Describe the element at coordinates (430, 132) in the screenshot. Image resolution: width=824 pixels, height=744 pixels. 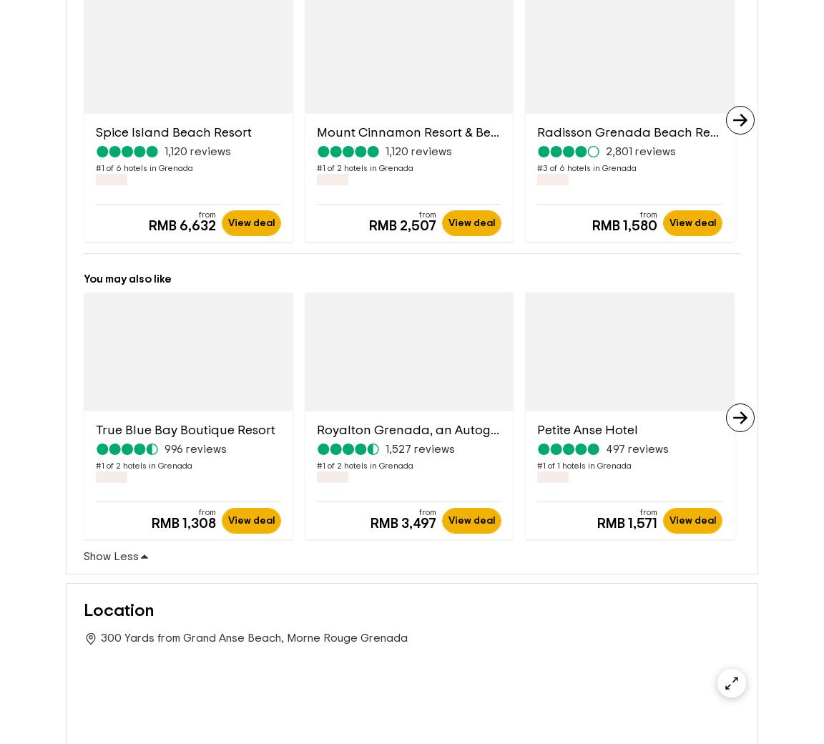
I see `'Mount Cinnamon Resort & Beach Club'` at that location.